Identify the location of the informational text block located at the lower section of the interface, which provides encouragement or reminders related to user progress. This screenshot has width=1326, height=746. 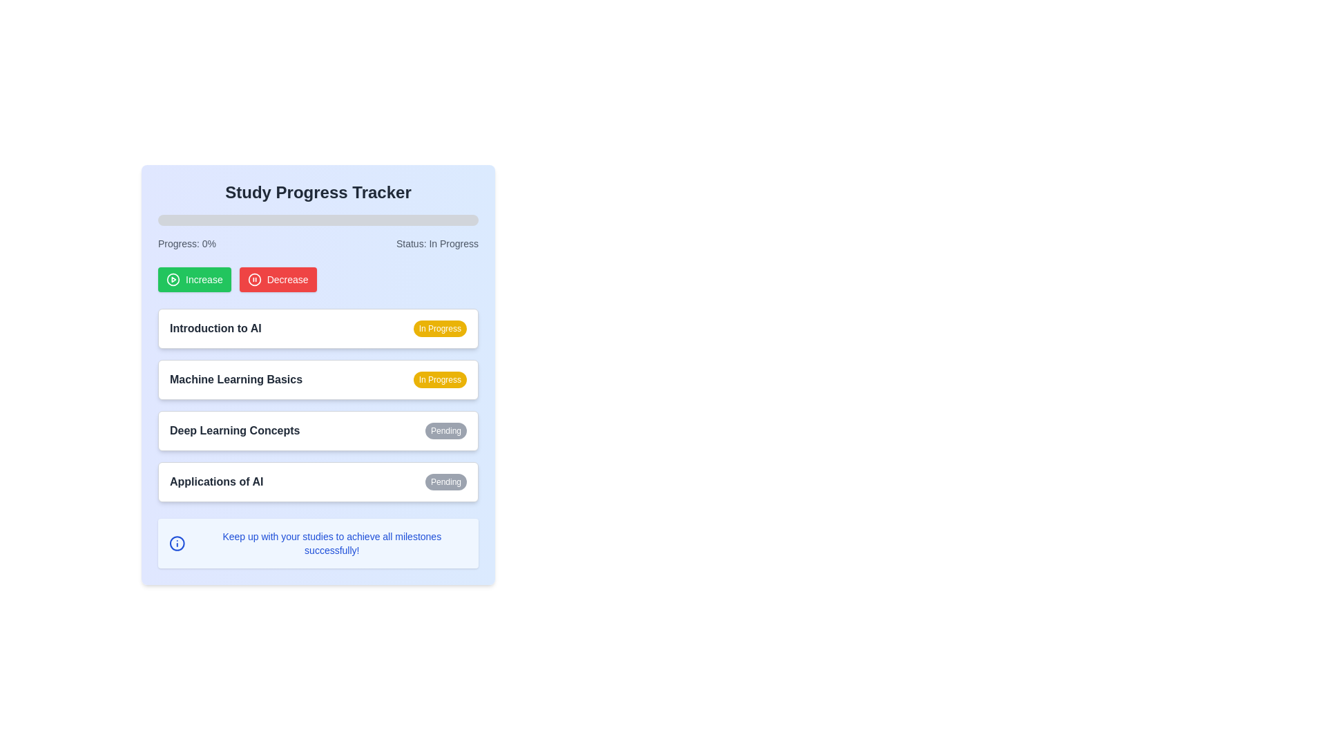
(331, 542).